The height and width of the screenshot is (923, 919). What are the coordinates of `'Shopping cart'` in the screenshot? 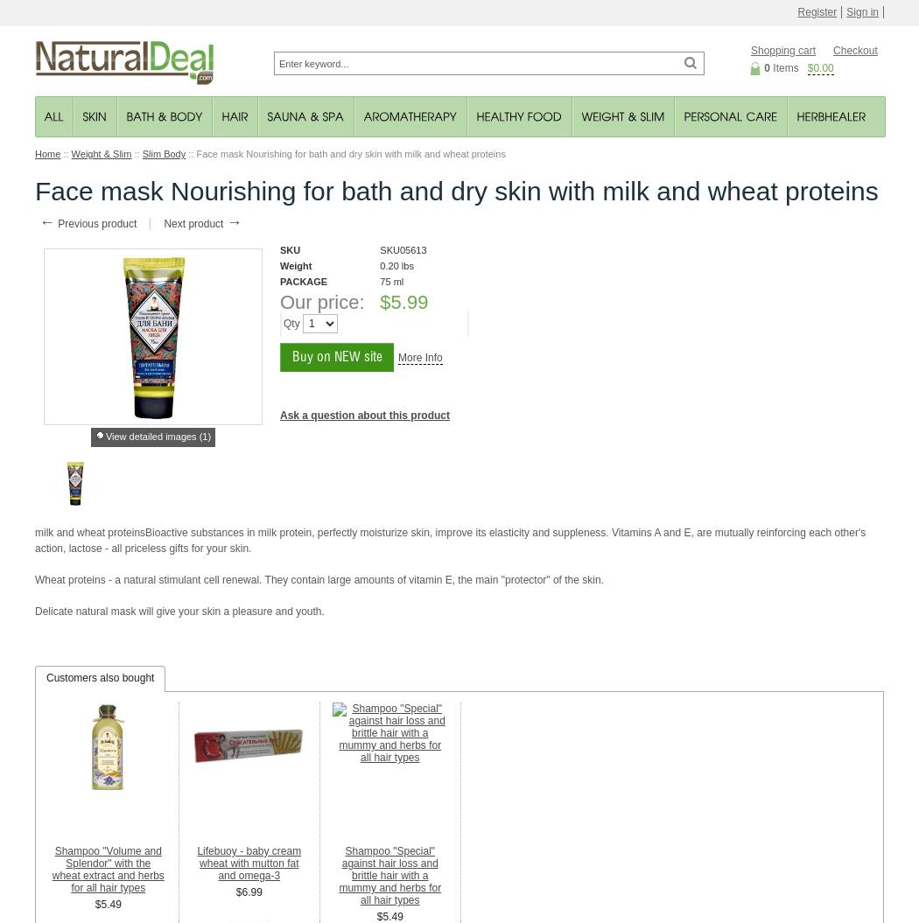 It's located at (782, 51).